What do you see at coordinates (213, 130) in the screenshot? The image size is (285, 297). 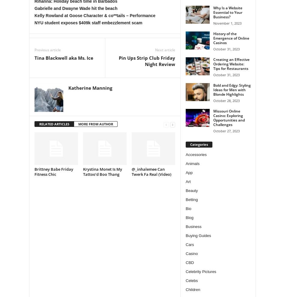 I see `'October 27, 2023'` at bounding box center [213, 130].